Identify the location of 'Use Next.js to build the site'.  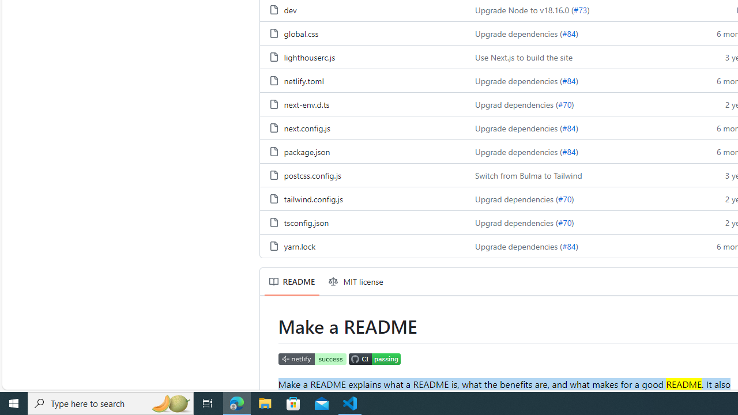
(523, 57).